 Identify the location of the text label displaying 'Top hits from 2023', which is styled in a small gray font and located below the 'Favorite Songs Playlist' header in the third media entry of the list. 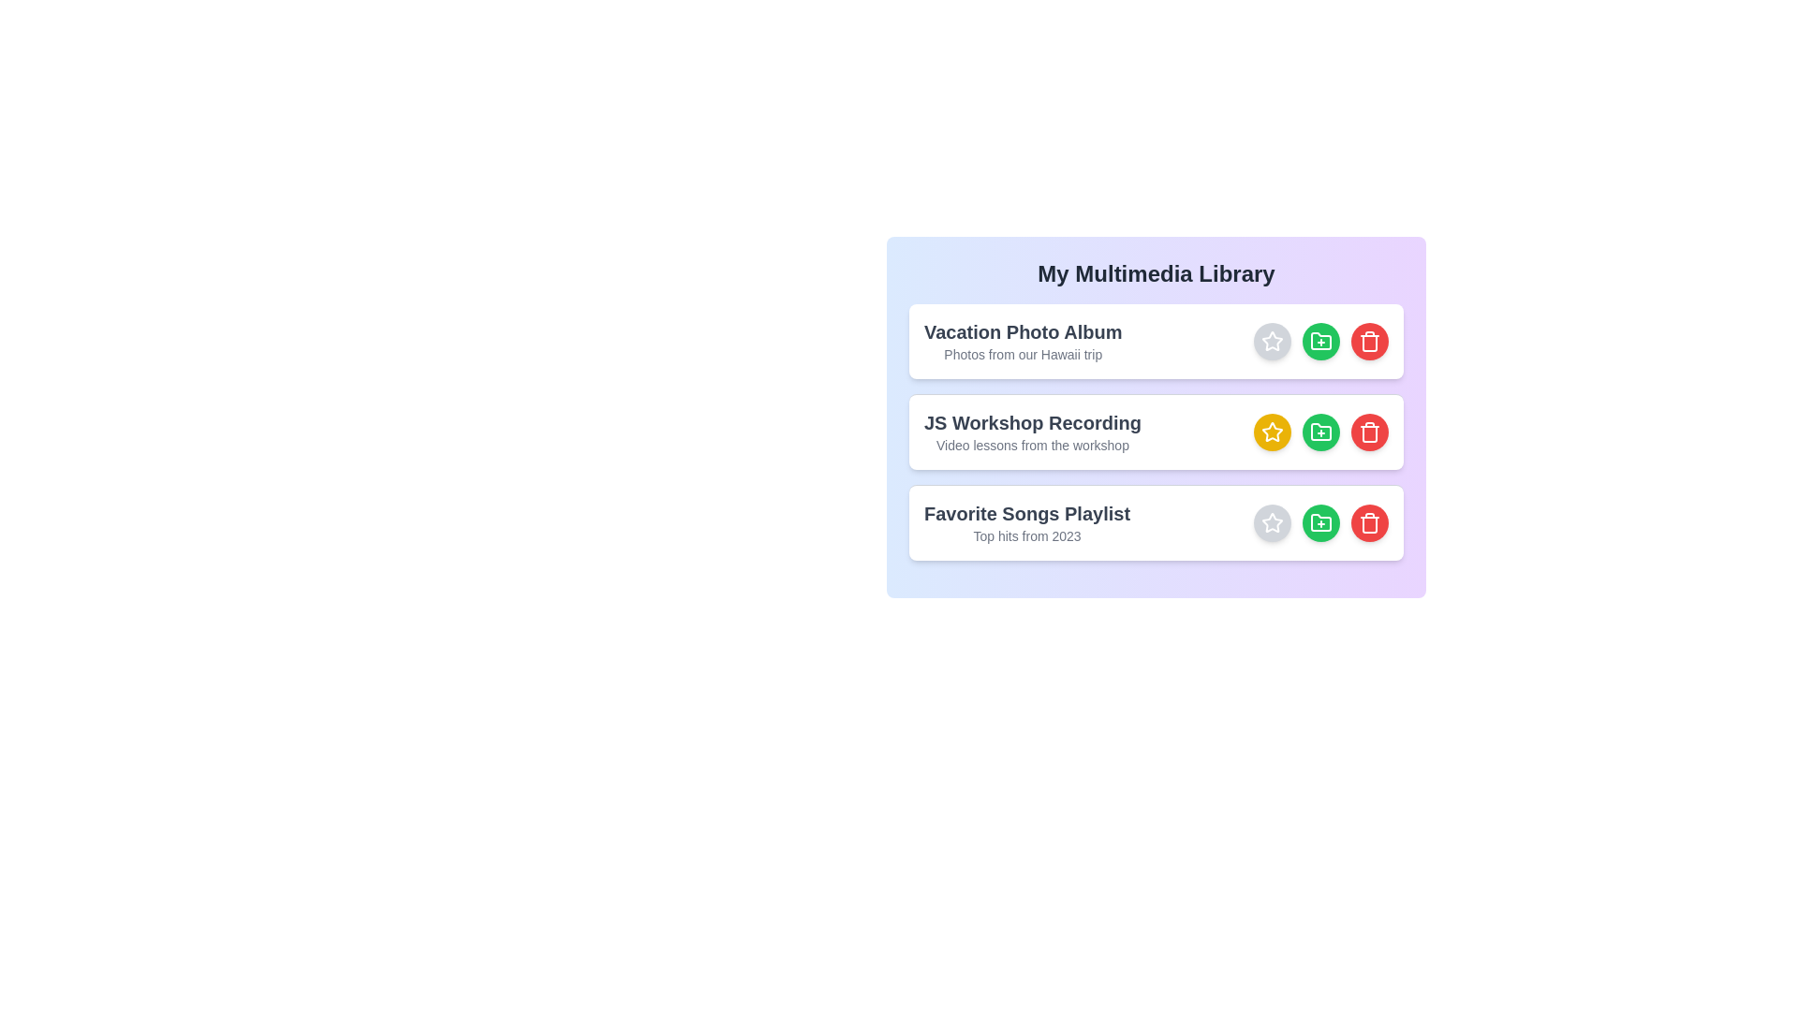
(1026, 536).